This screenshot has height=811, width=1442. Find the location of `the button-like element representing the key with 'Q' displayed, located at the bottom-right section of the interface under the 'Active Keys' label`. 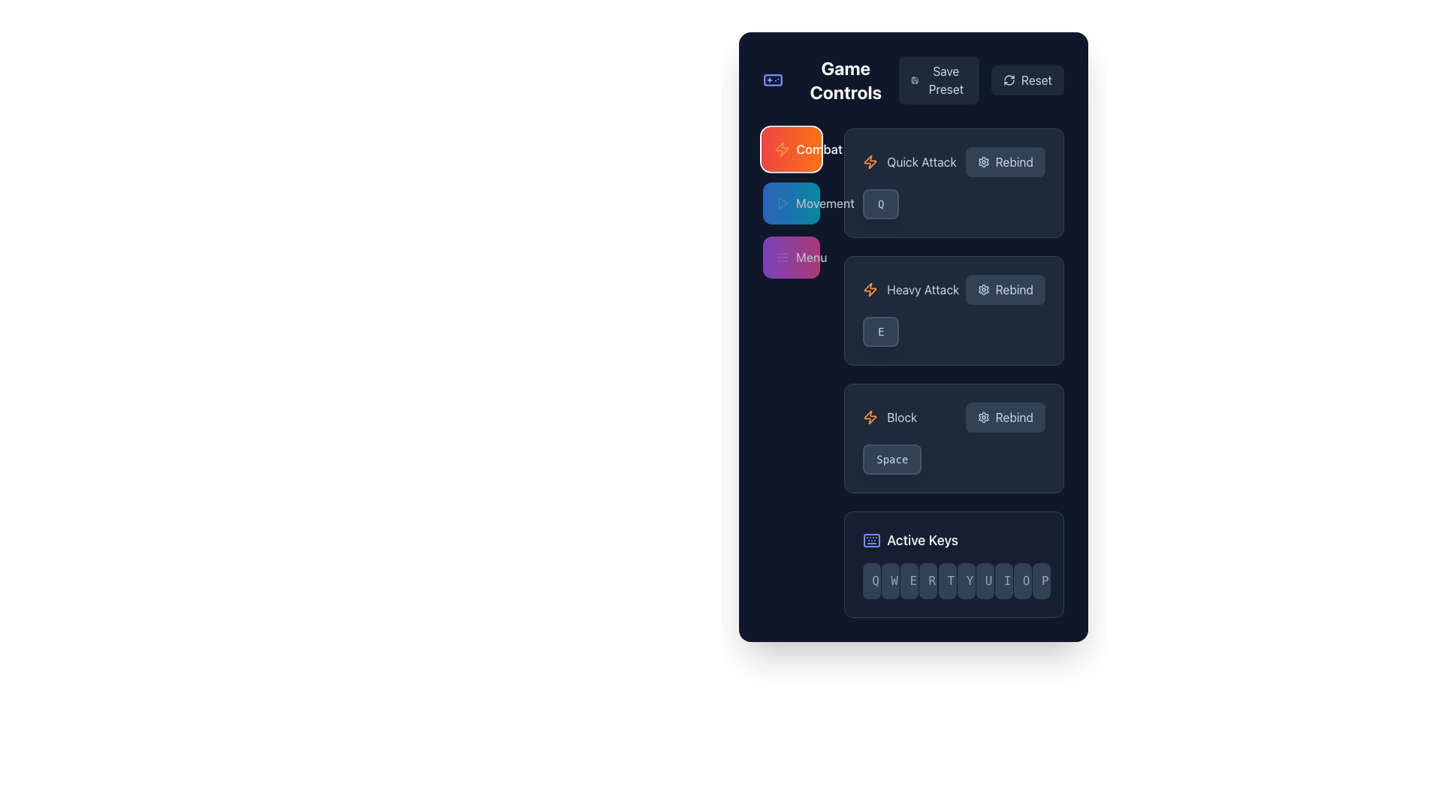

the button-like element representing the key with 'Q' displayed, located at the bottom-right section of the interface under the 'Active Keys' label is located at coordinates (872, 580).